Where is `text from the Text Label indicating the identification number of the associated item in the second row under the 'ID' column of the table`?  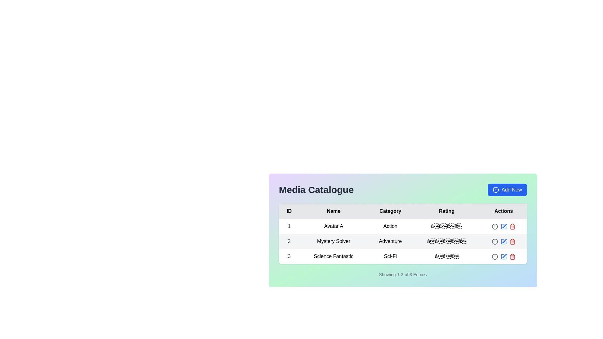 text from the Text Label indicating the identification number of the associated item in the second row under the 'ID' column of the table is located at coordinates (289, 241).